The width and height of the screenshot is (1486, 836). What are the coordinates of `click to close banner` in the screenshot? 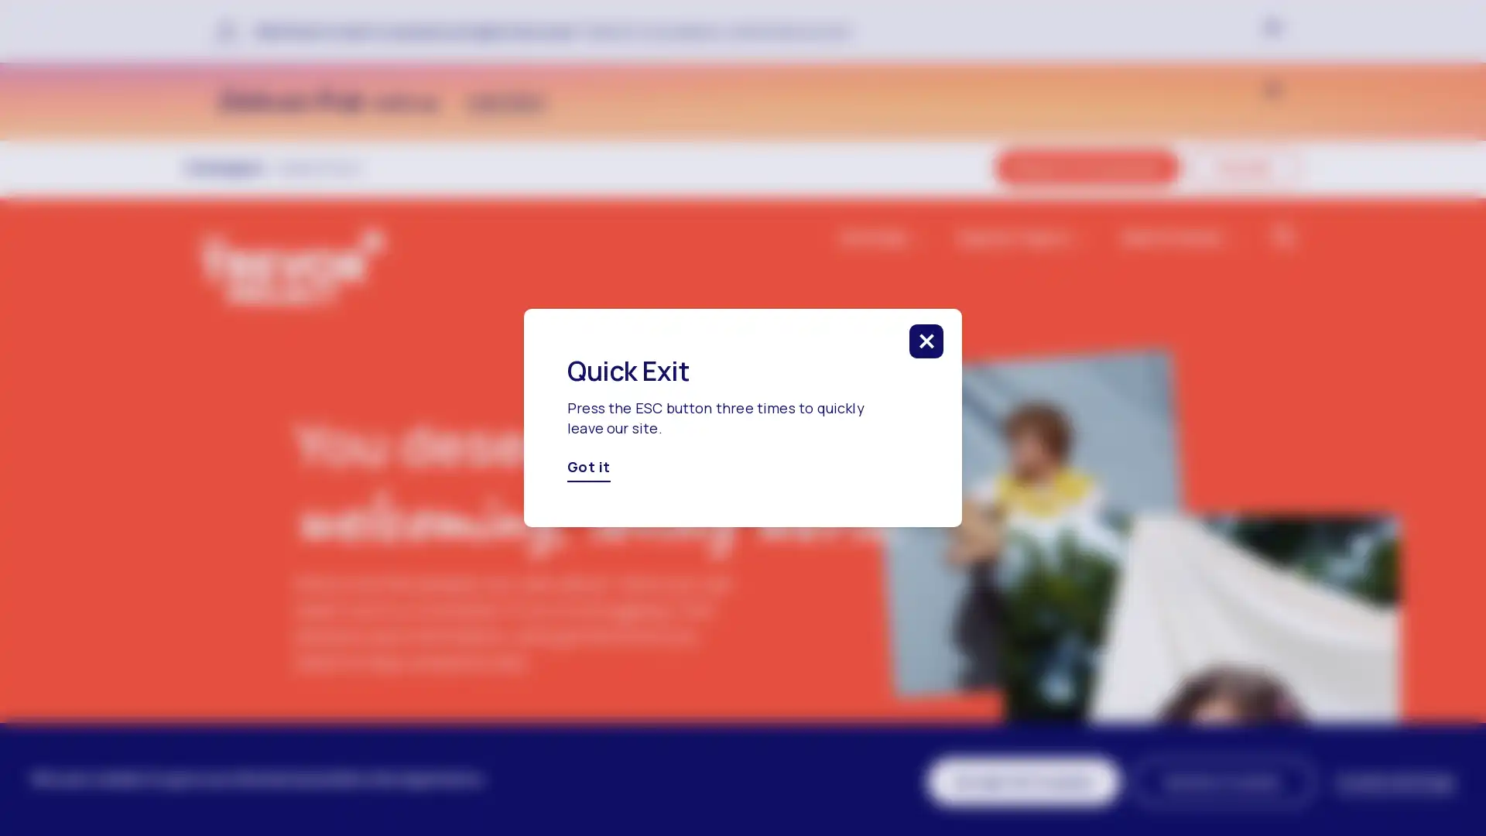 It's located at (1272, 90).